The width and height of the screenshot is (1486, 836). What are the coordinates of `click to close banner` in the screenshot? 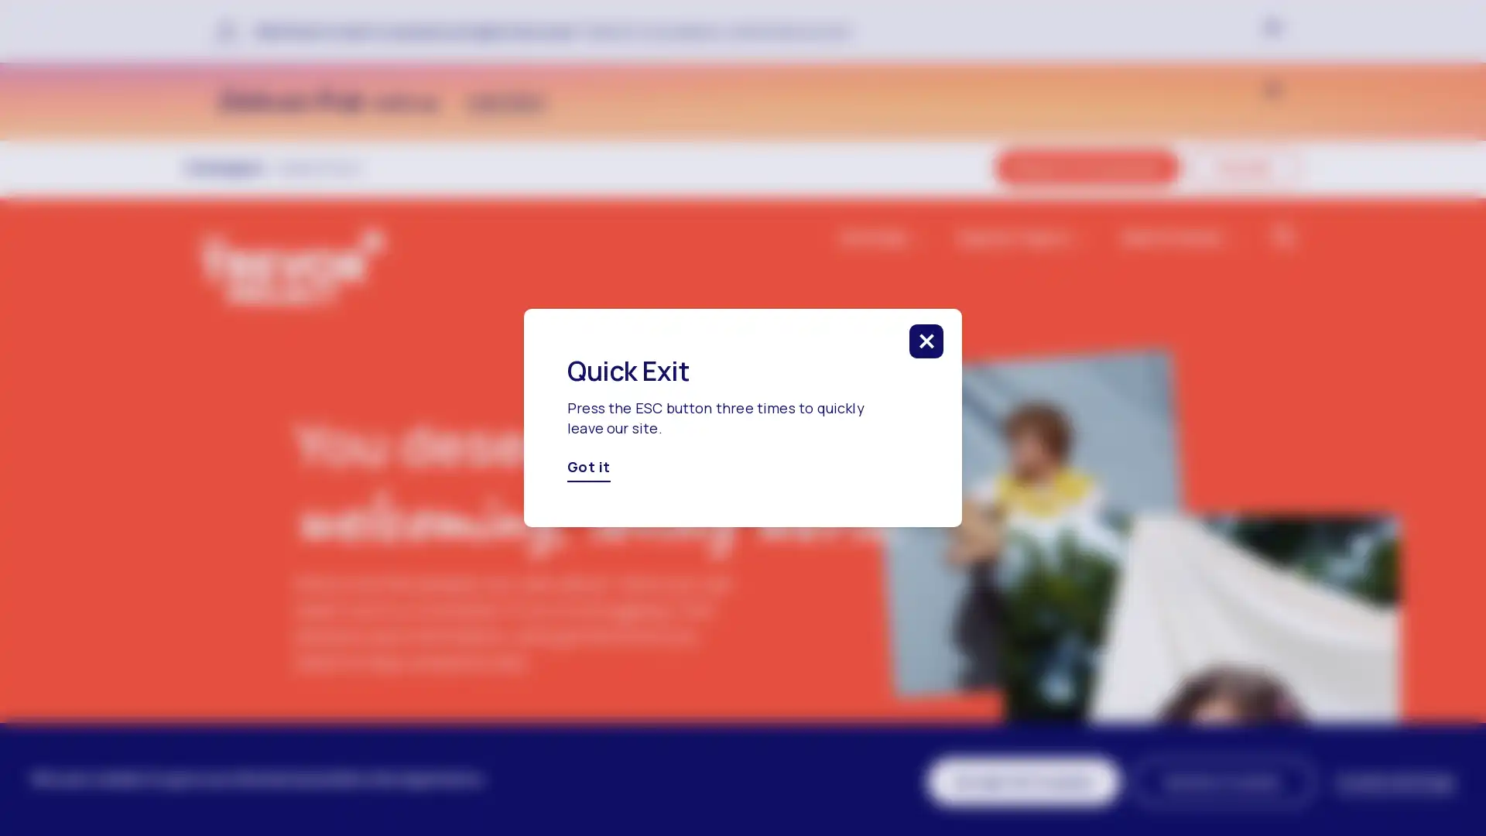 It's located at (1272, 90).